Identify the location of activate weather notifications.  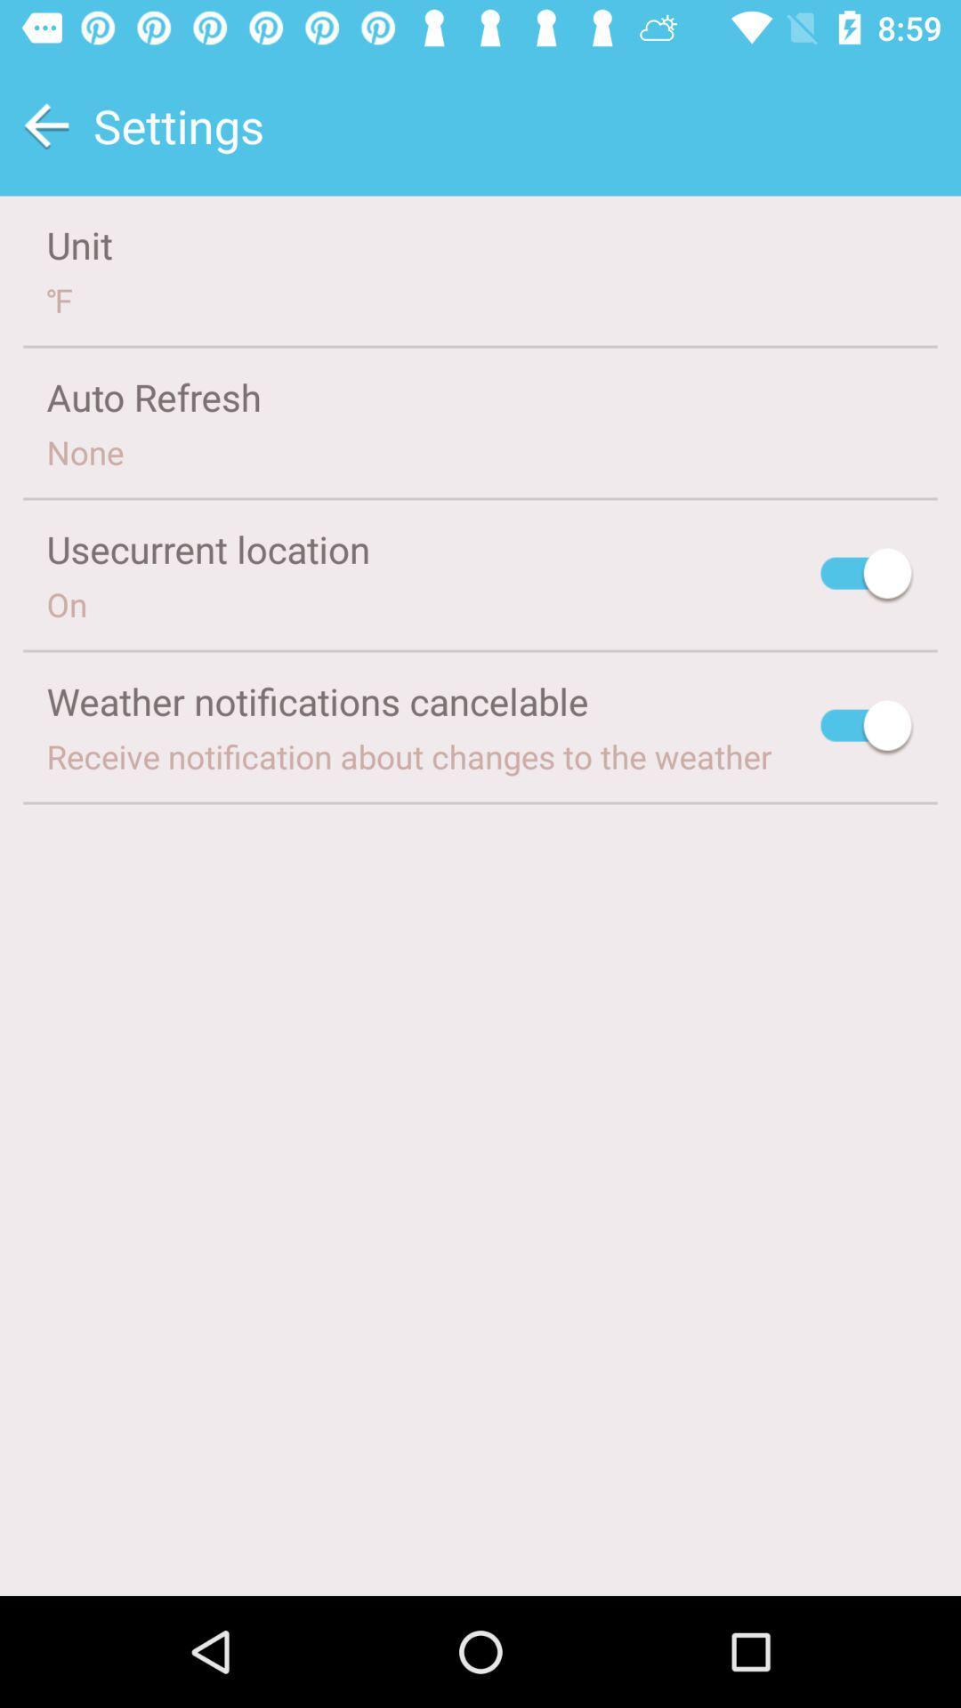
(867, 729).